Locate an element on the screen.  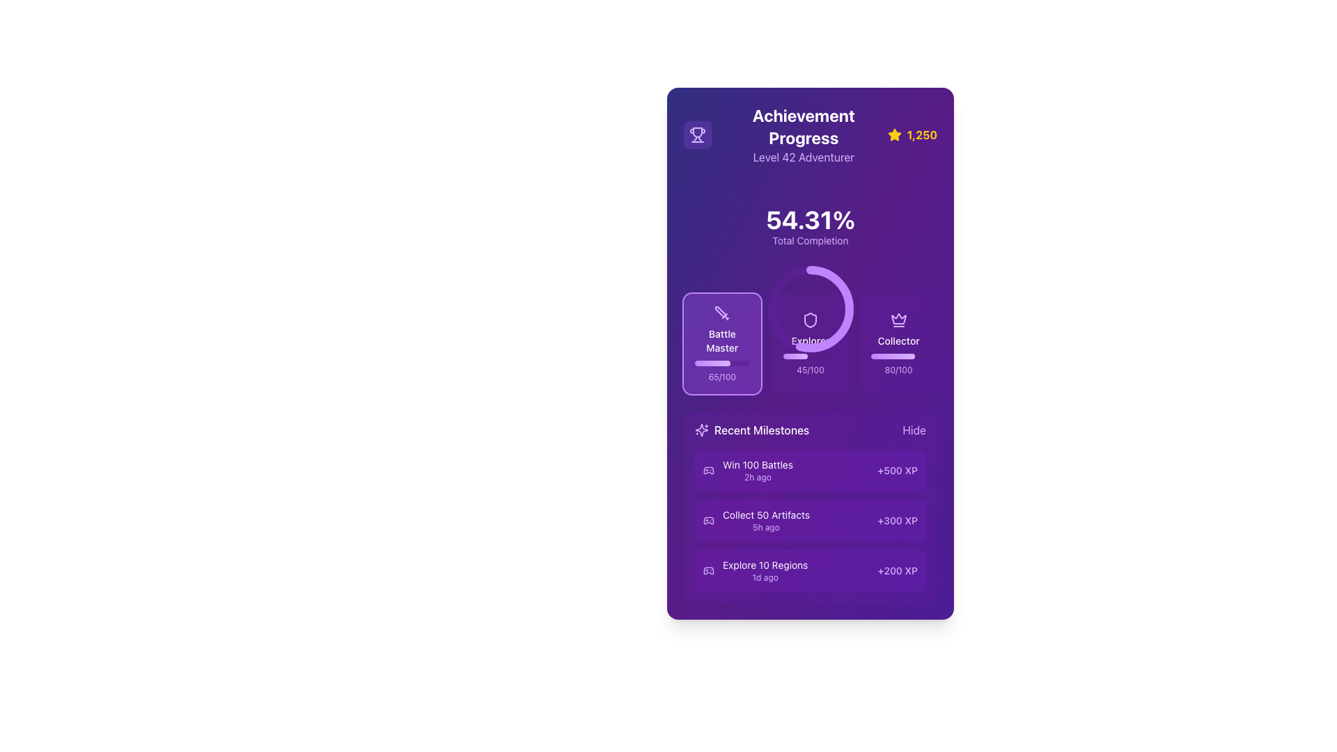
the milestone icon located on the left side of the 'Explore 10 Regions' milestone in the 'Recent Milestones' section is located at coordinates (708, 571).